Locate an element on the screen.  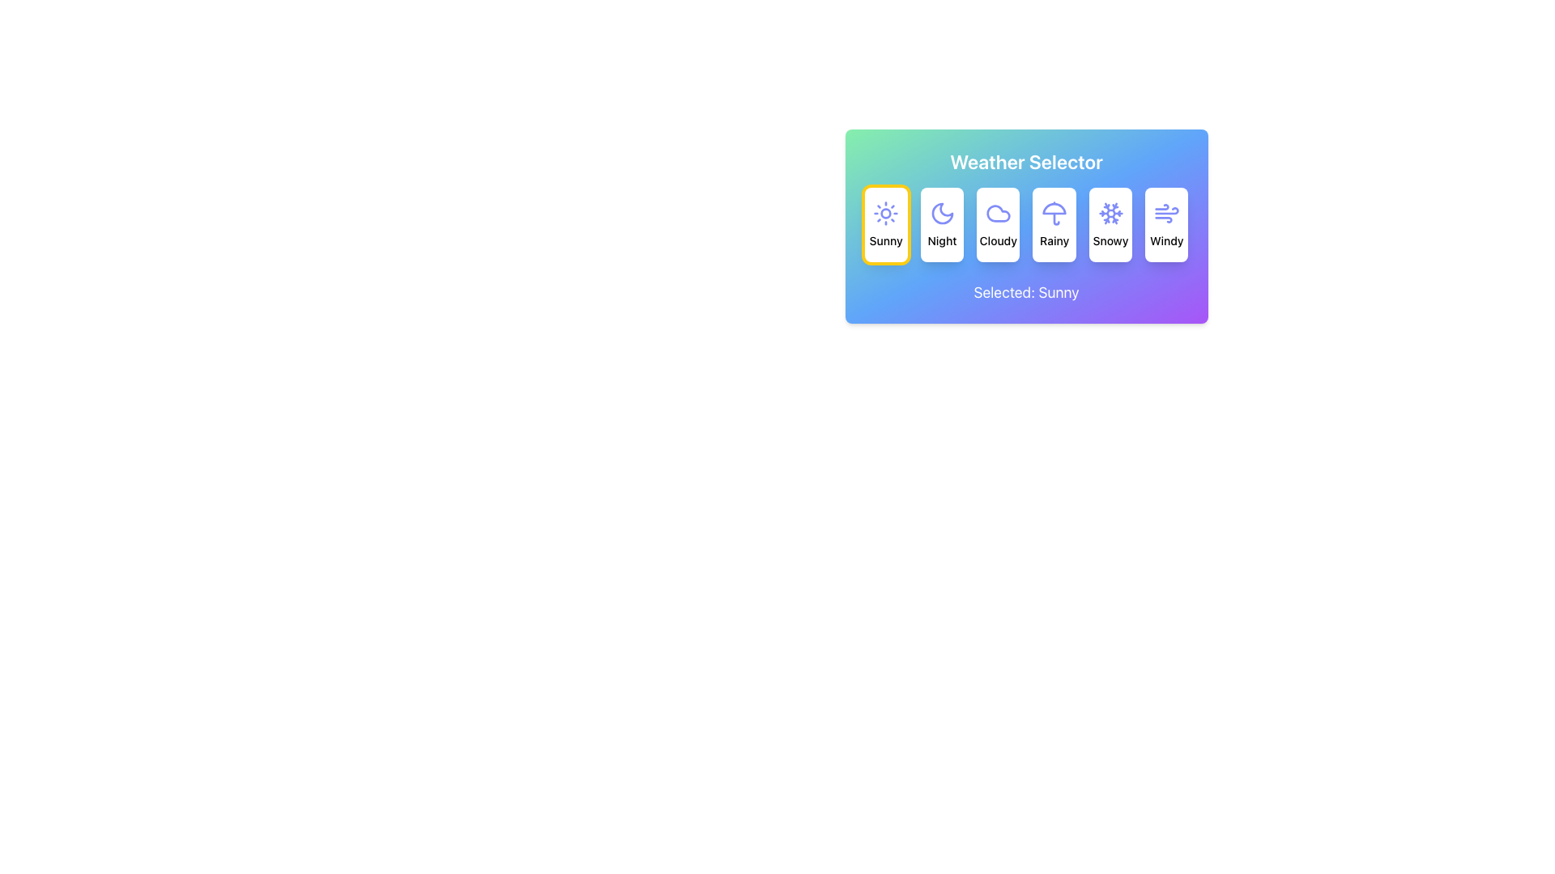
the 'Cloudy' weather icon, which is the third option in the weather selector interface, located above the label 'Cloudy' is located at coordinates (997, 212).